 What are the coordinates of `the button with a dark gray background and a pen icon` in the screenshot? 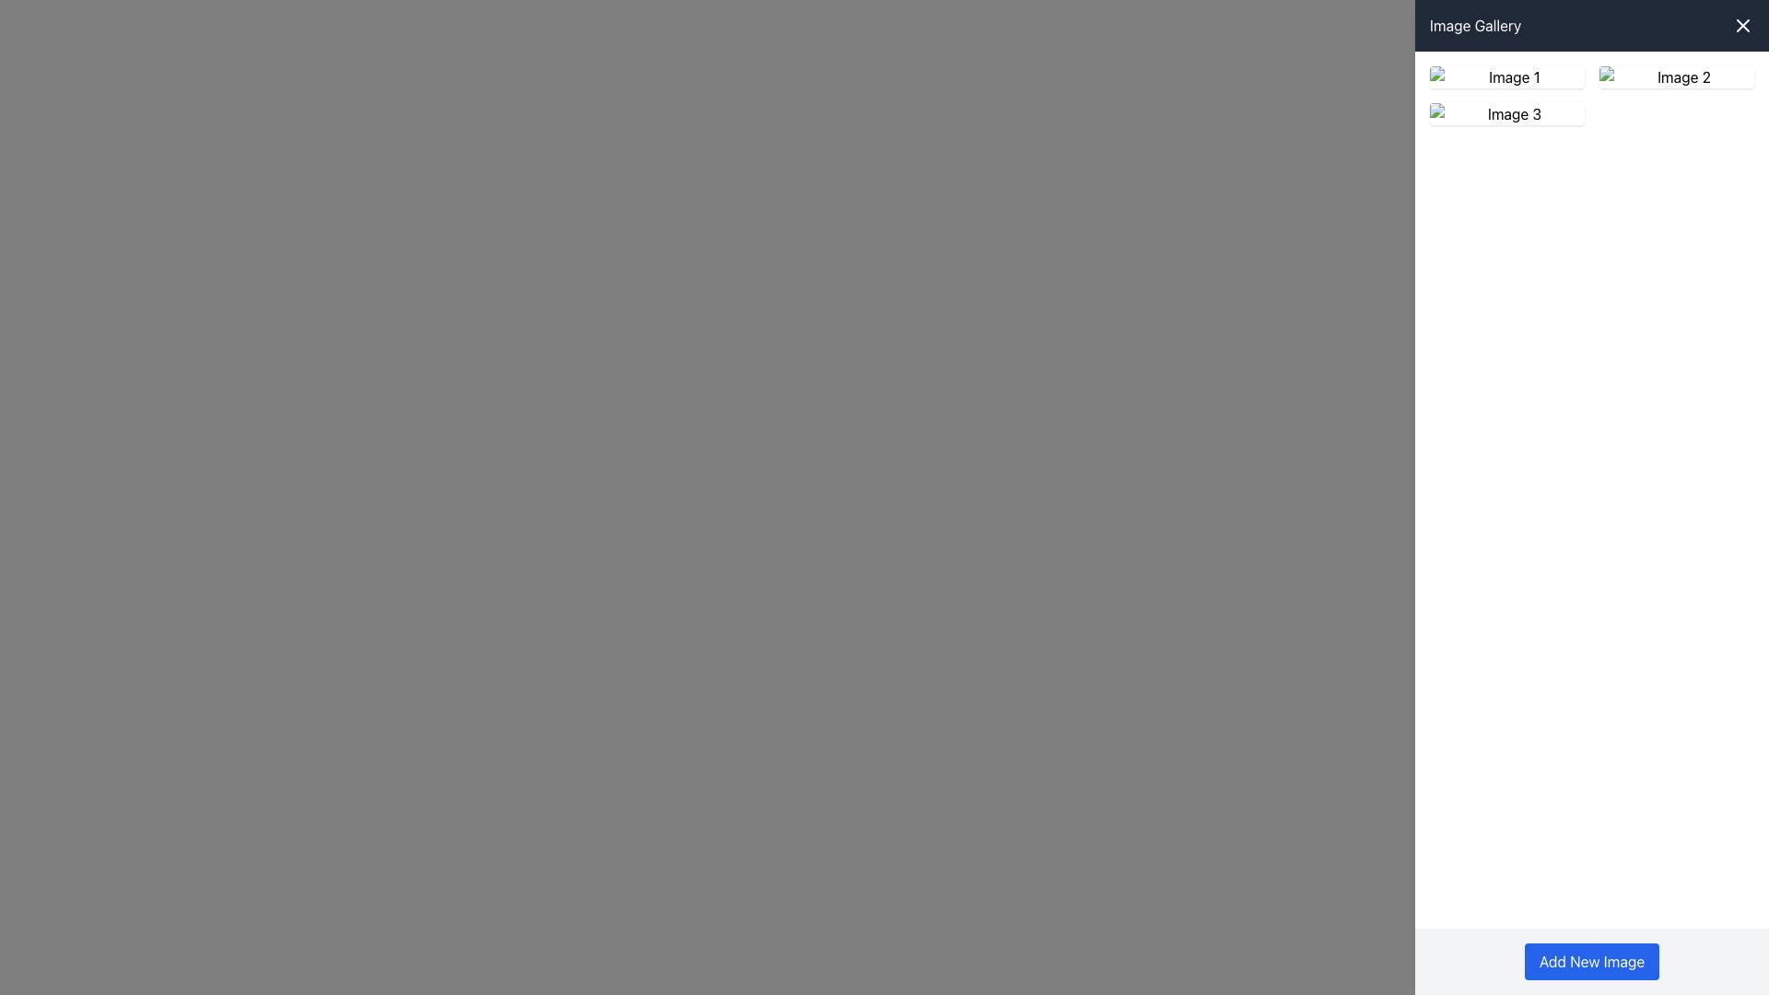 It's located at (1507, 113).